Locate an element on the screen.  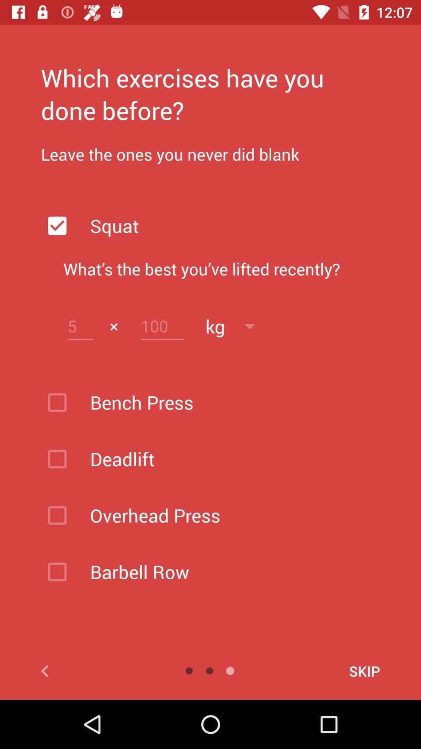
opens a text box for changing a value is located at coordinates (81, 326).